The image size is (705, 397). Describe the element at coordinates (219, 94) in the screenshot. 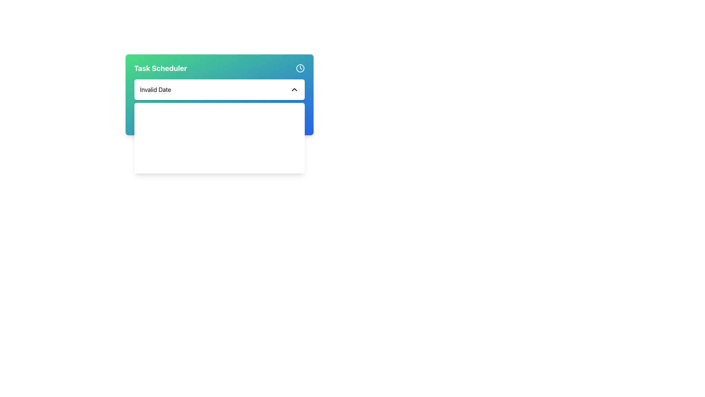

I see `the 'Task Scheduler' dropdown list component, which has a gradient background and displays 'Invalid Date', to change focus` at that location.